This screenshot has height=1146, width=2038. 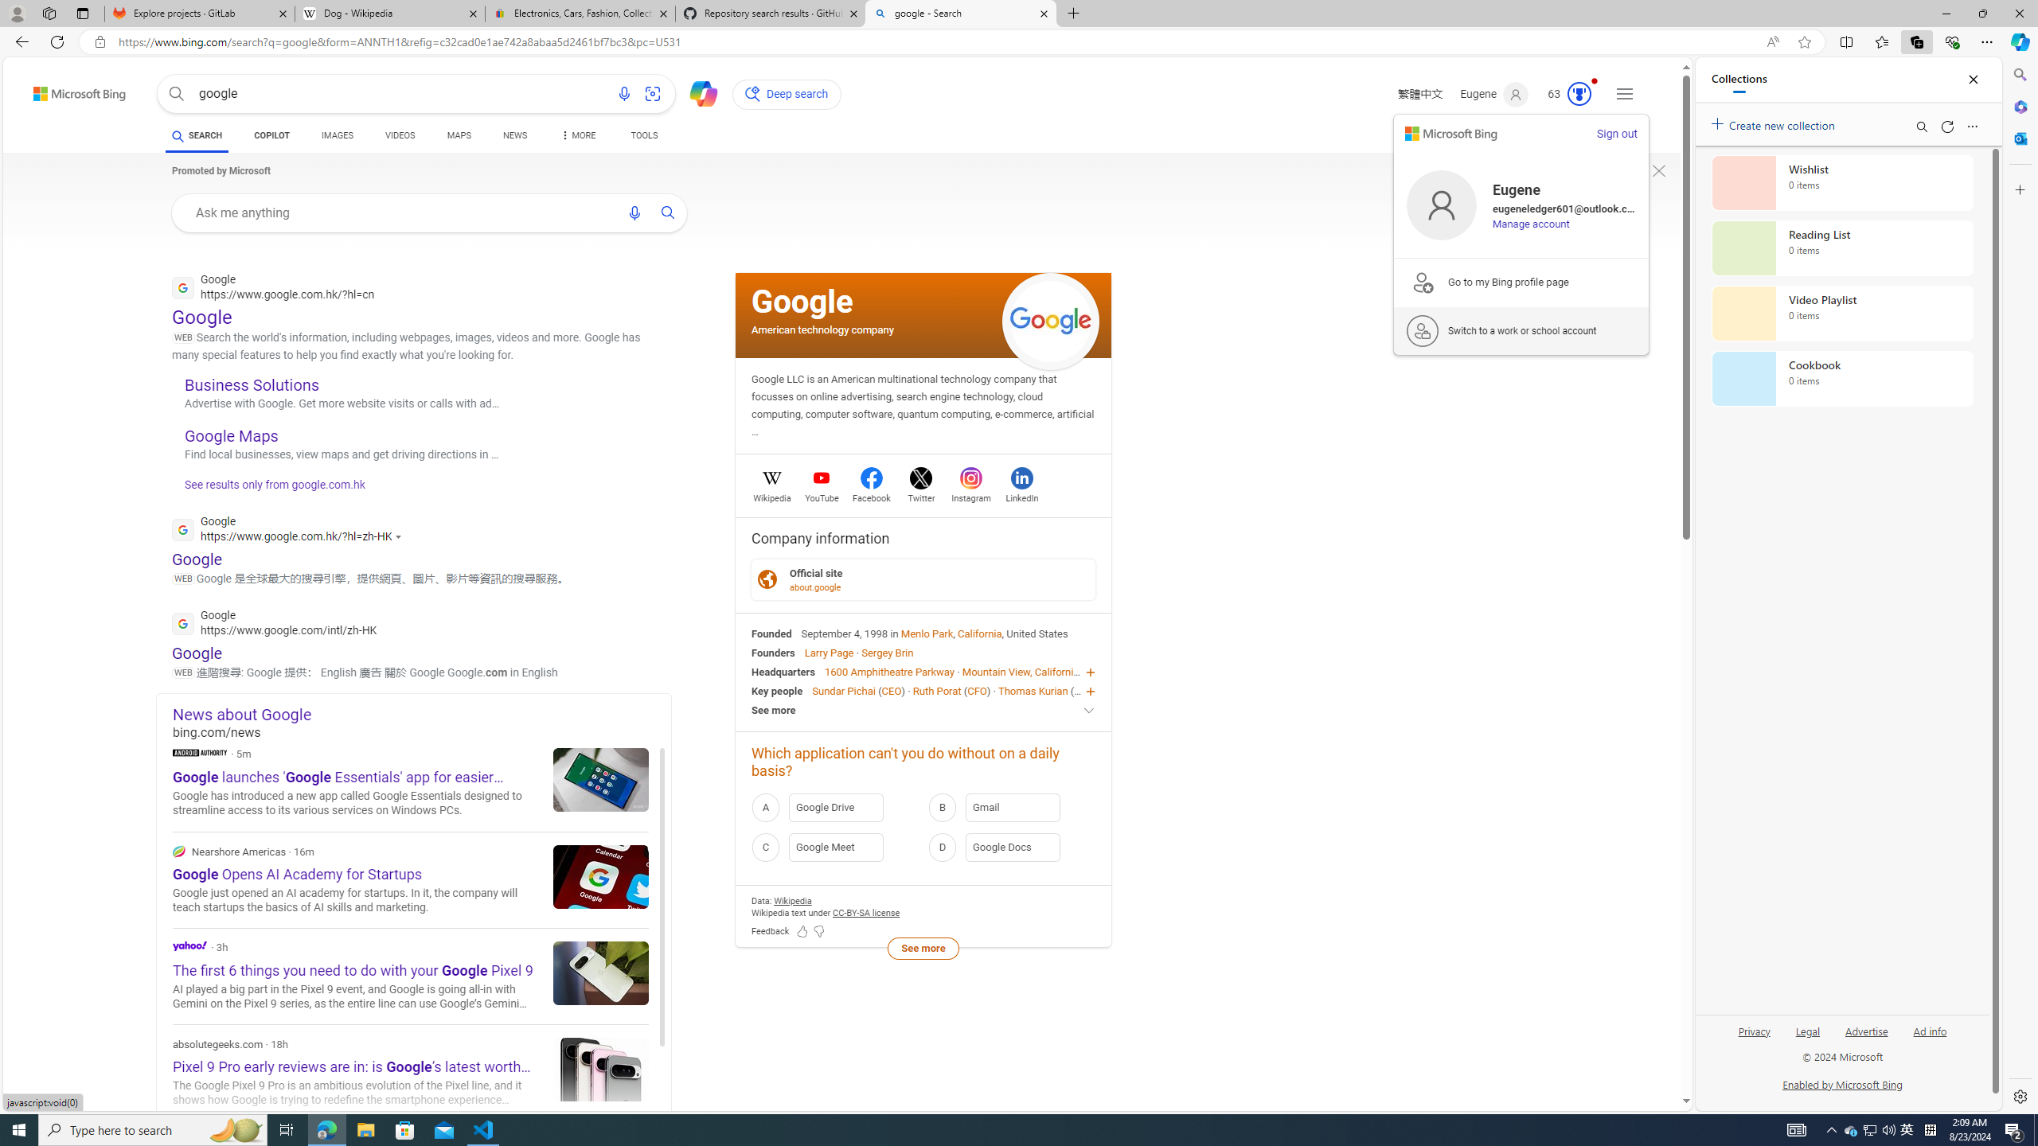 I want to click on 'Reading List collection, 0 items', so click(x=1842, y=247).